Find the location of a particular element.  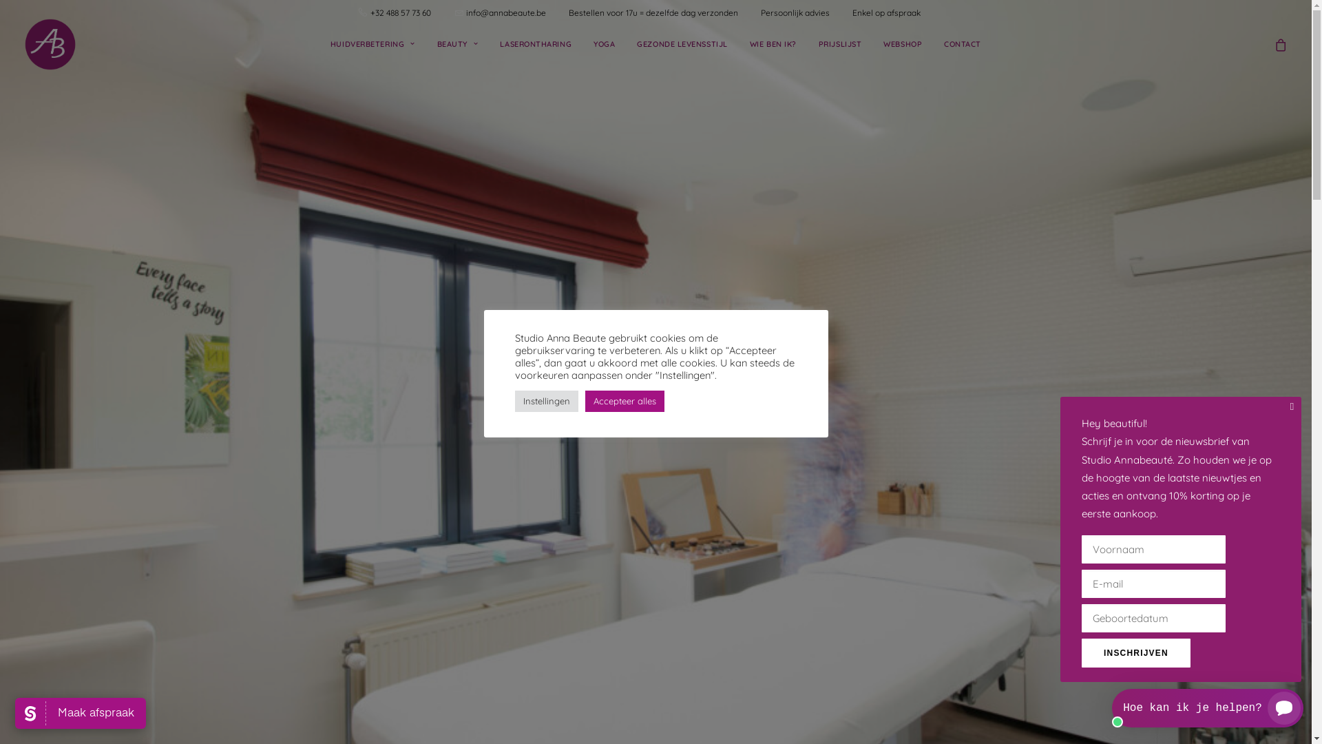

'info@annabeaute.be' is located at coordinates (465, 12).